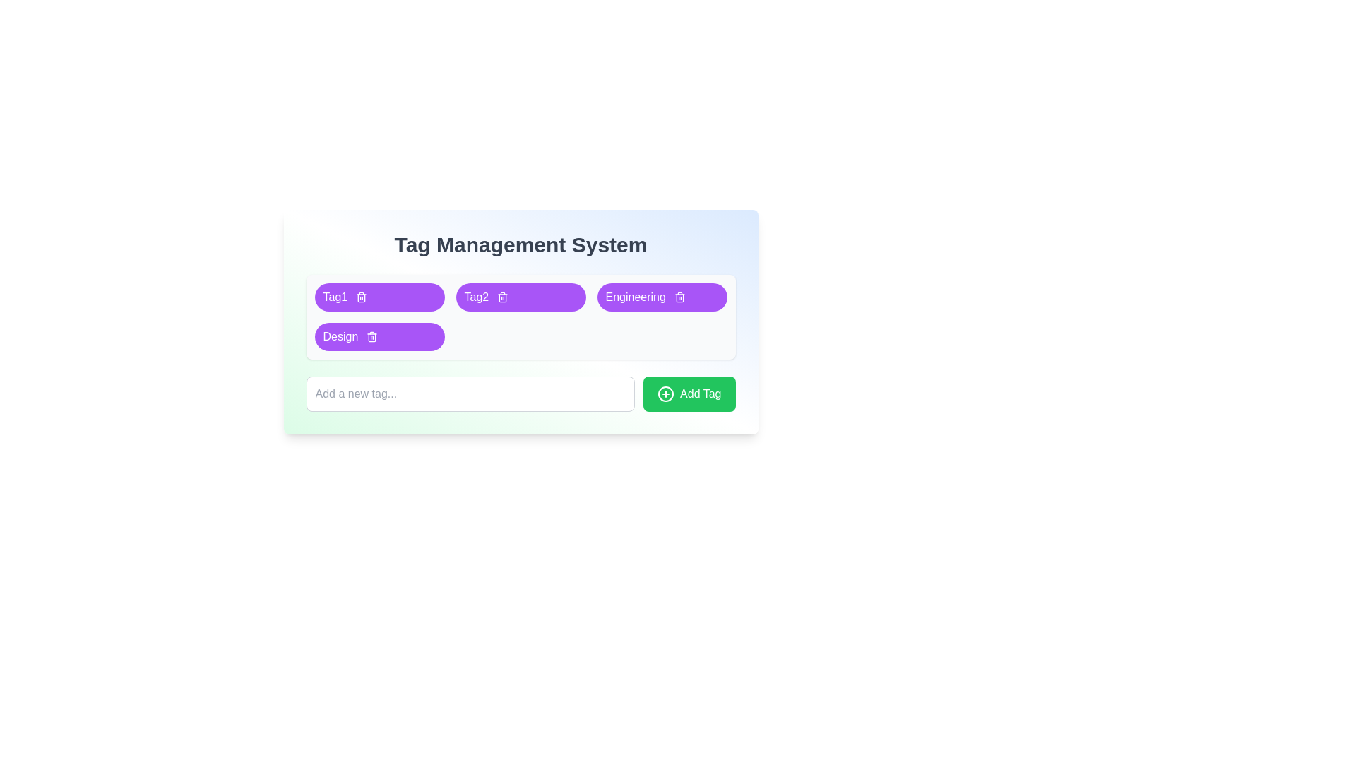  I want to click on the trash icon button styled in white on a purple background, located inside the rounded label with the text 'Tag1', so click(362, 296).